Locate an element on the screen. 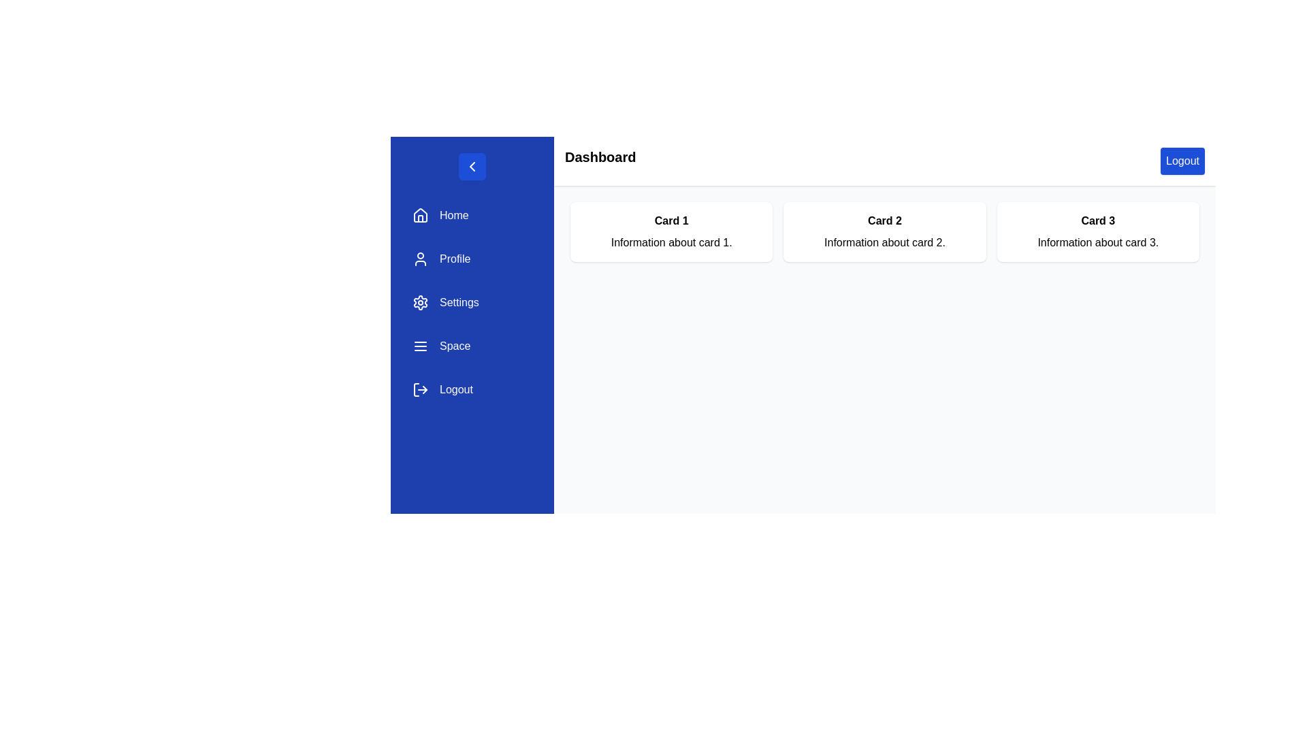 The height and width of the screenshot is (735, 1307). the 'Home' text label located to the right of the house icon in the vertical menu on the left side of the interface is located at coordinates (454, 214).